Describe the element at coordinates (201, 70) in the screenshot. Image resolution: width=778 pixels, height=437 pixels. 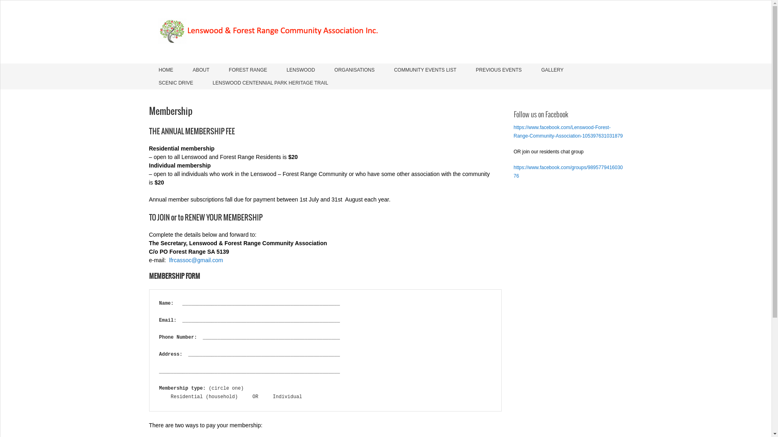
I see `'ABOUT'` at that location.